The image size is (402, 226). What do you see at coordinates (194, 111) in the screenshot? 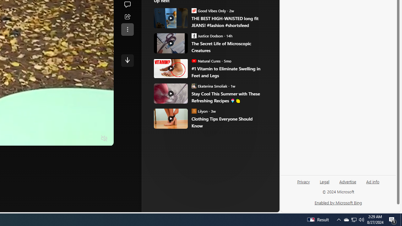
I see `'Lilyon'` at bounding box center [194, 111].